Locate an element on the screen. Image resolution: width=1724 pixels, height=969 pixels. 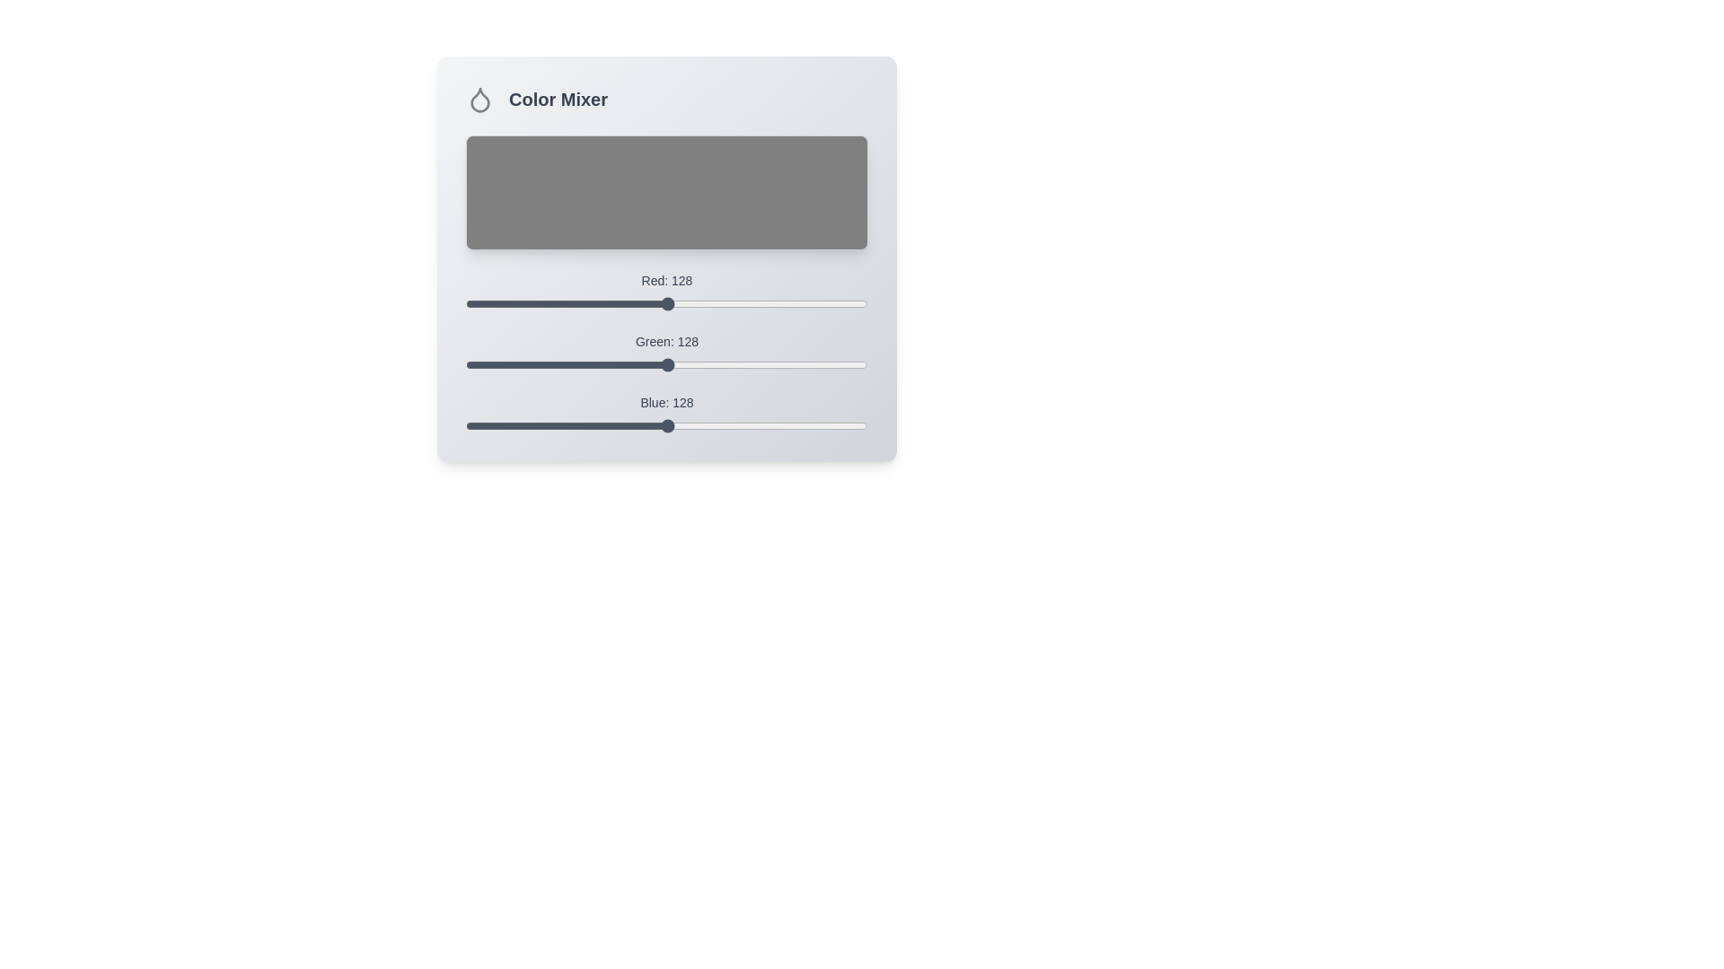
the red color slider to set the red value to 40 is located at coordinates (528, 303).